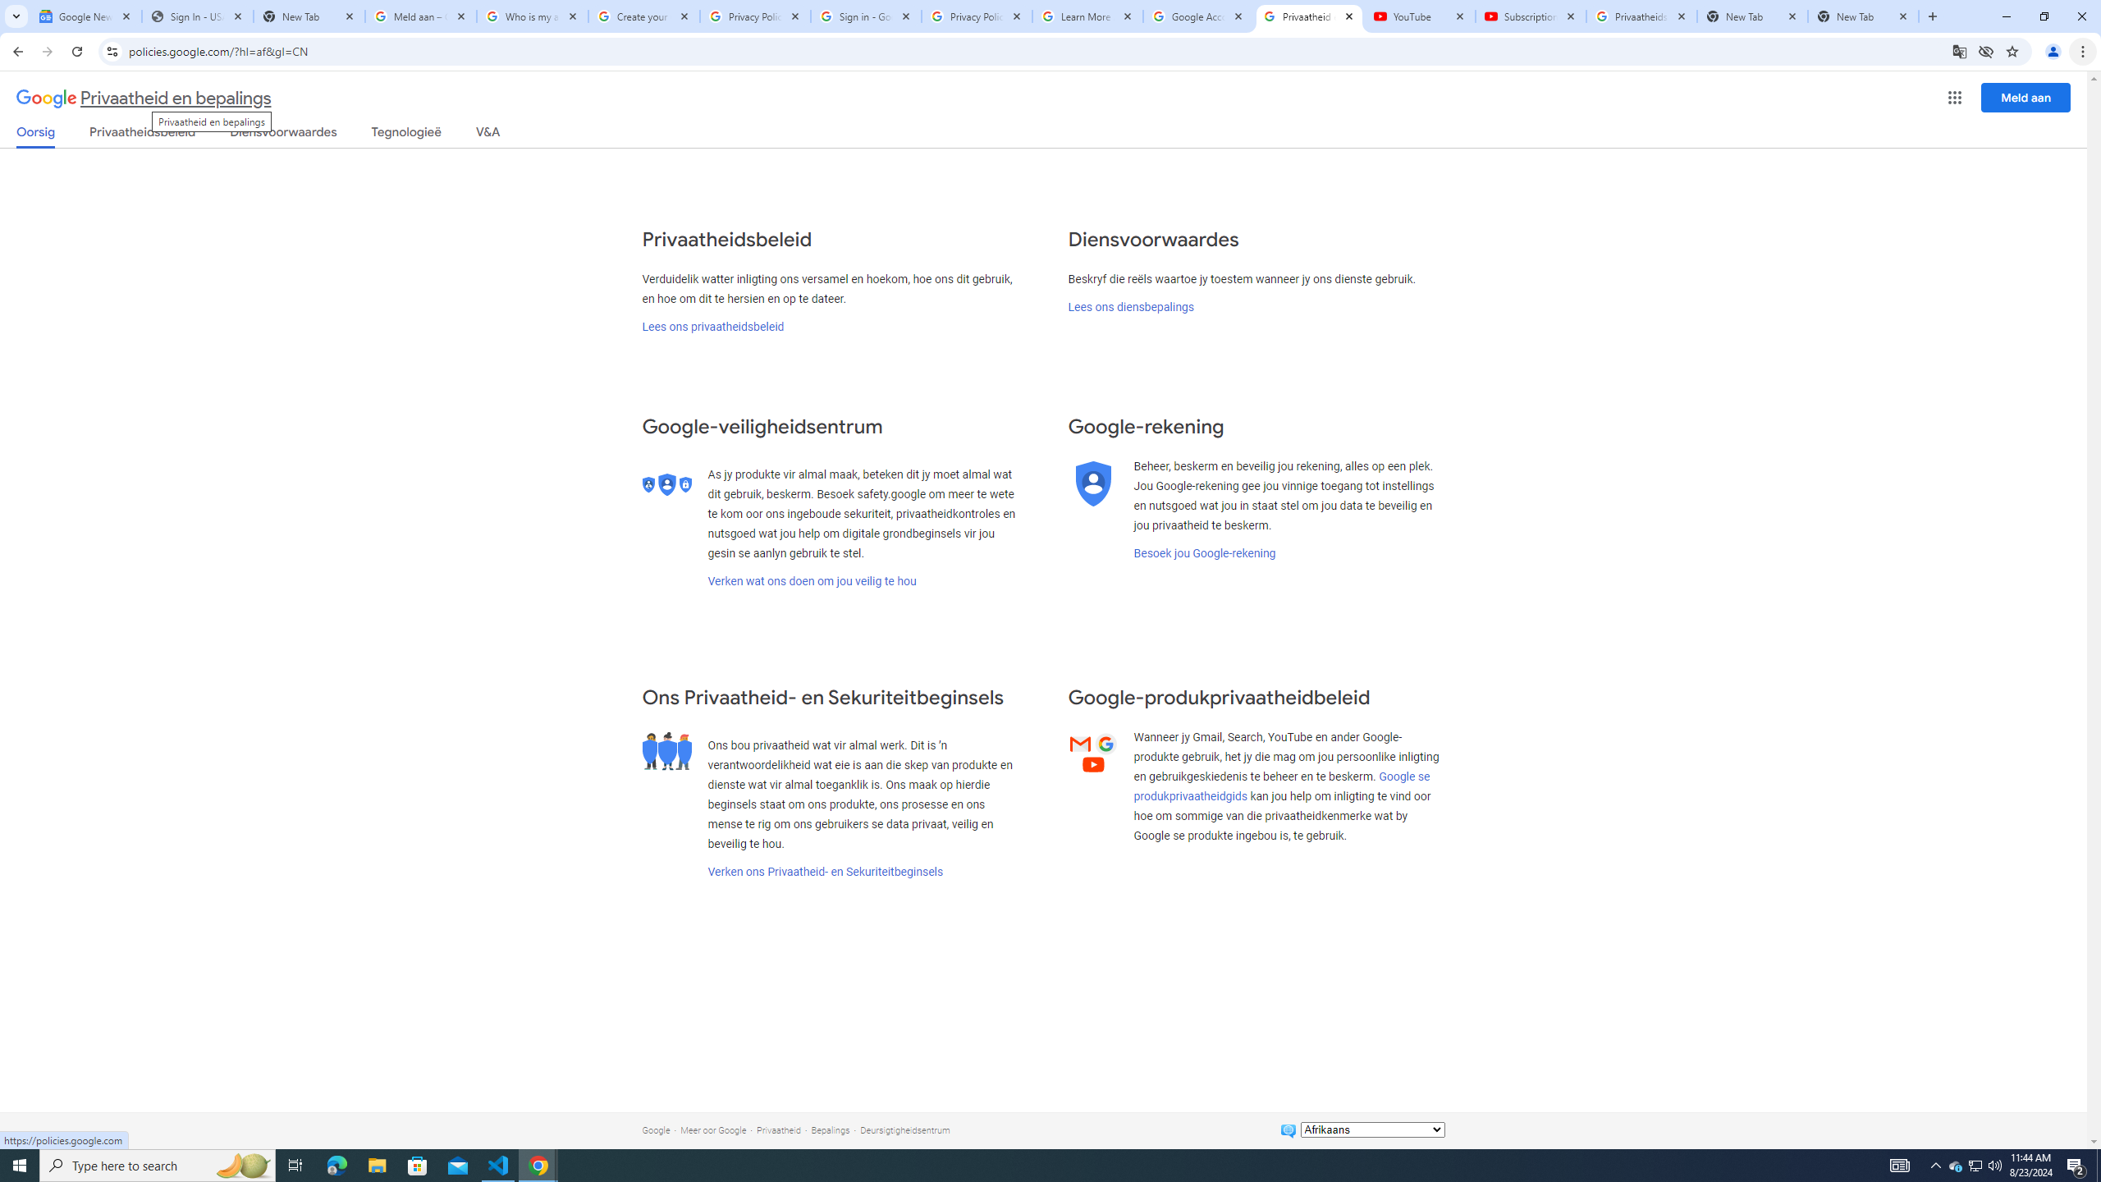 The height and width of the screenshot is (1182, 2101). Describe the element at coordinates (1863, 16) in the screenshot. I see `'New Tab'` at that location.